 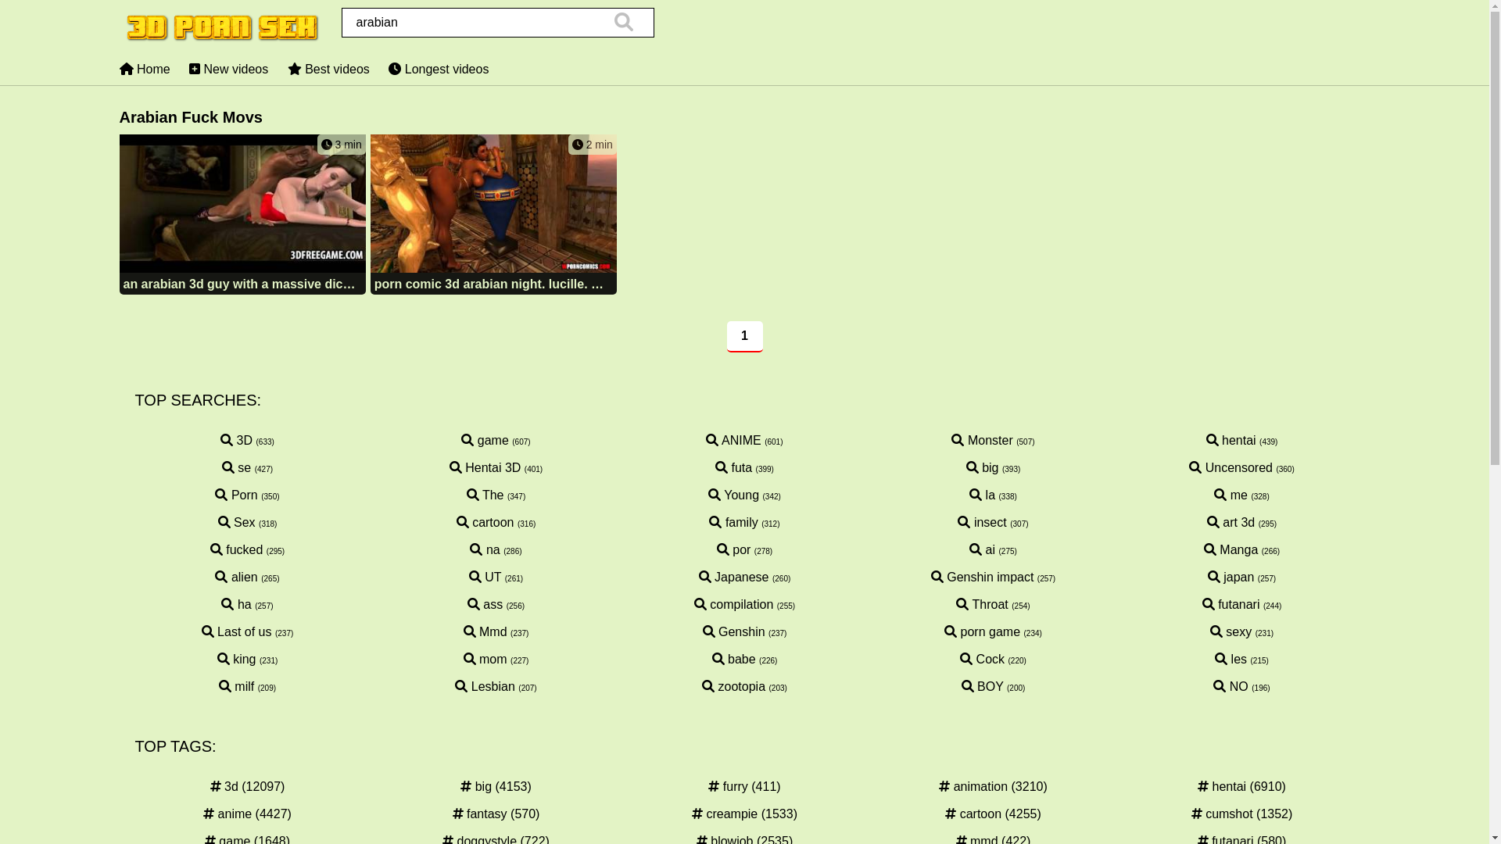 What do you see at coordinates (1241, 813) in the screenshot?
I see `'cumshot (1352)'` at bounding box center [1241, 813].